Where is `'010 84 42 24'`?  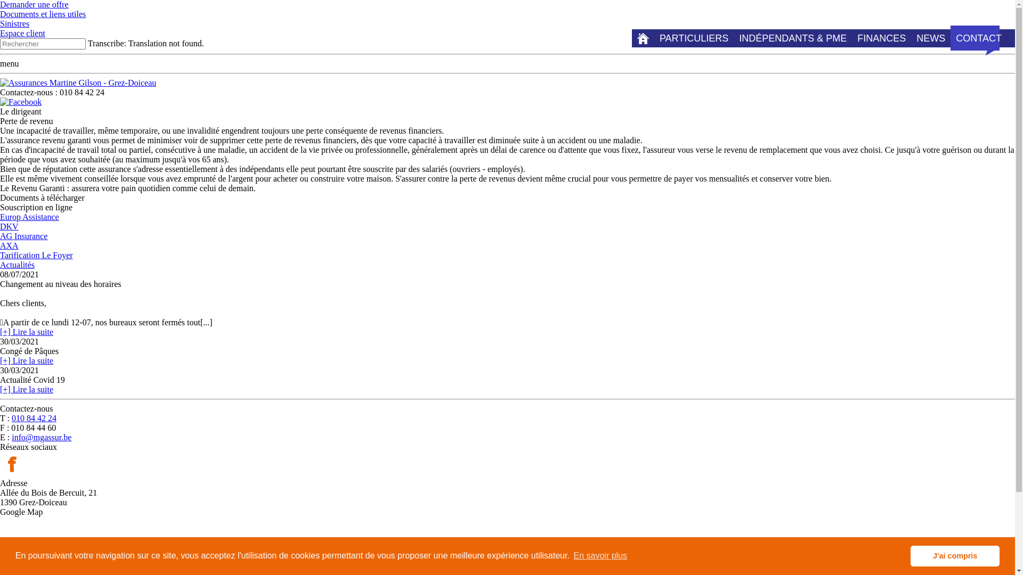 '010 84 42 24' is located at coordinates (34, 417).